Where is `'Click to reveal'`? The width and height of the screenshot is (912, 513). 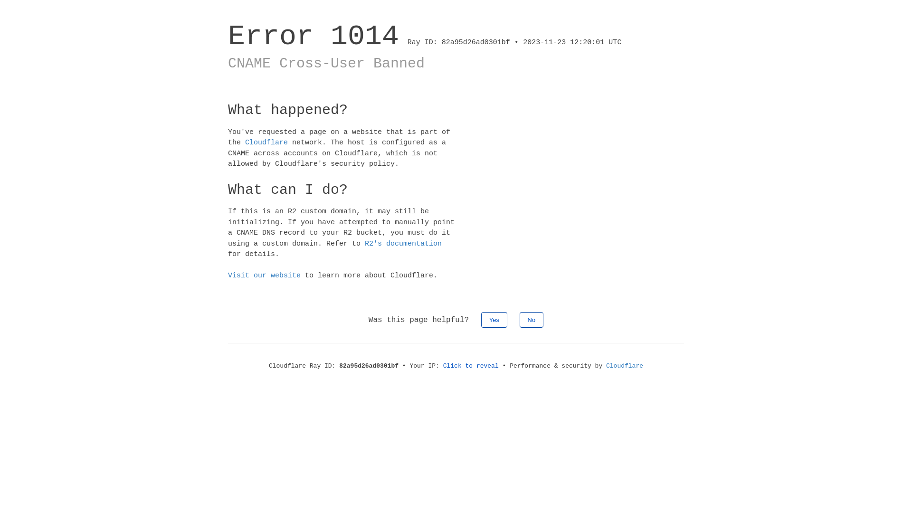
'Click to reveal' is located at coordinates (471, 365).